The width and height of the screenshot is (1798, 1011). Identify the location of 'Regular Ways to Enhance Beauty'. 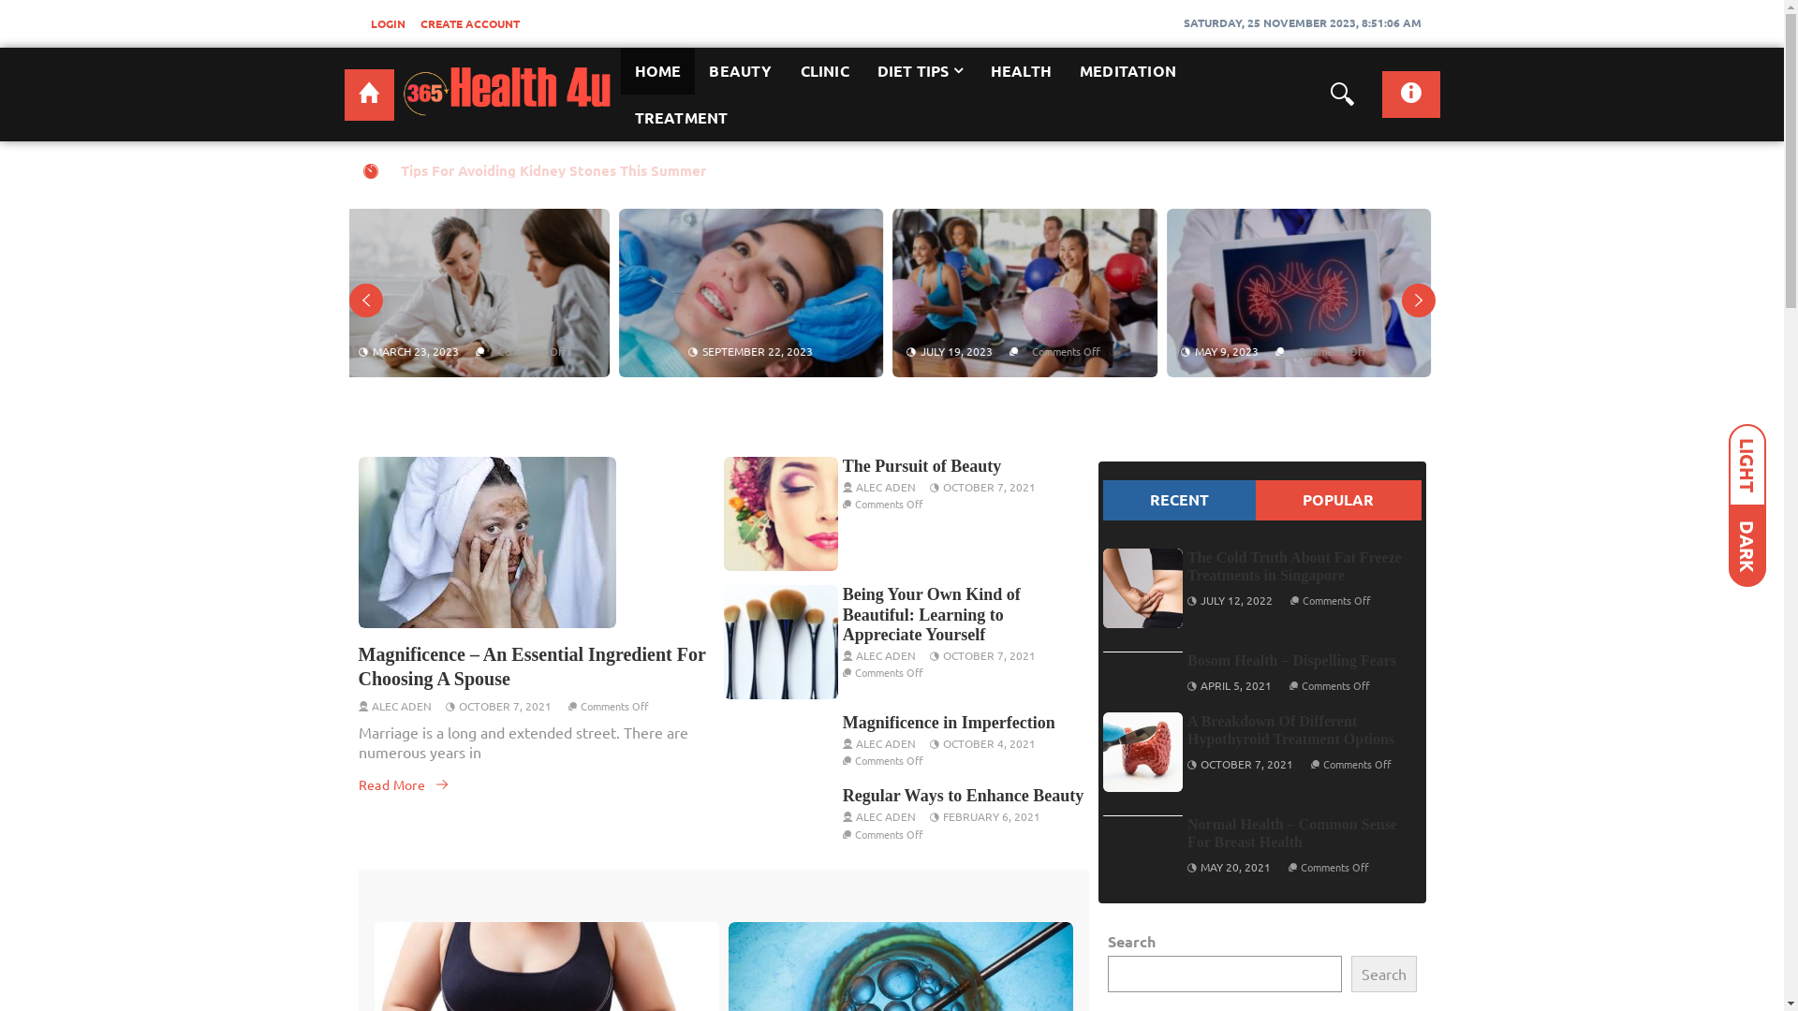
(842, 795).